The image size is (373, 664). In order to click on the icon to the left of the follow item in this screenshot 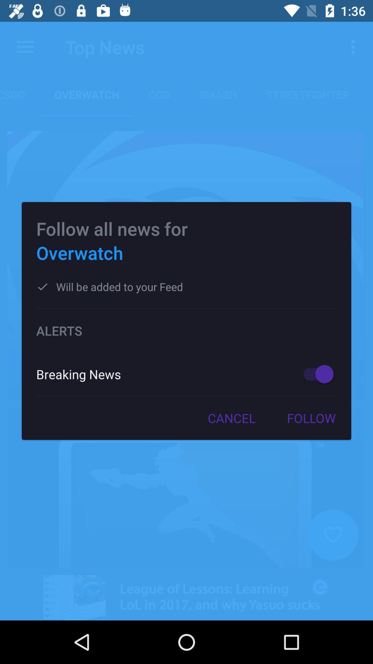, I will do `click(231, 418)`.